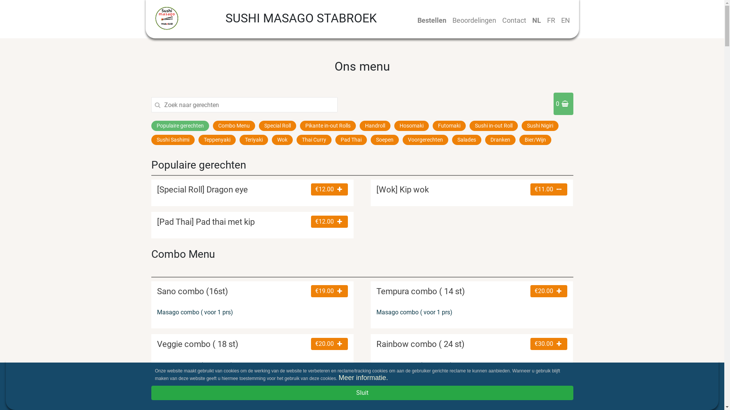 This screenshot has width=730, height=410. What do you see at coordinates (563, 104) in the screenshot?
I see `'0'` at bounding box center [563, 104].